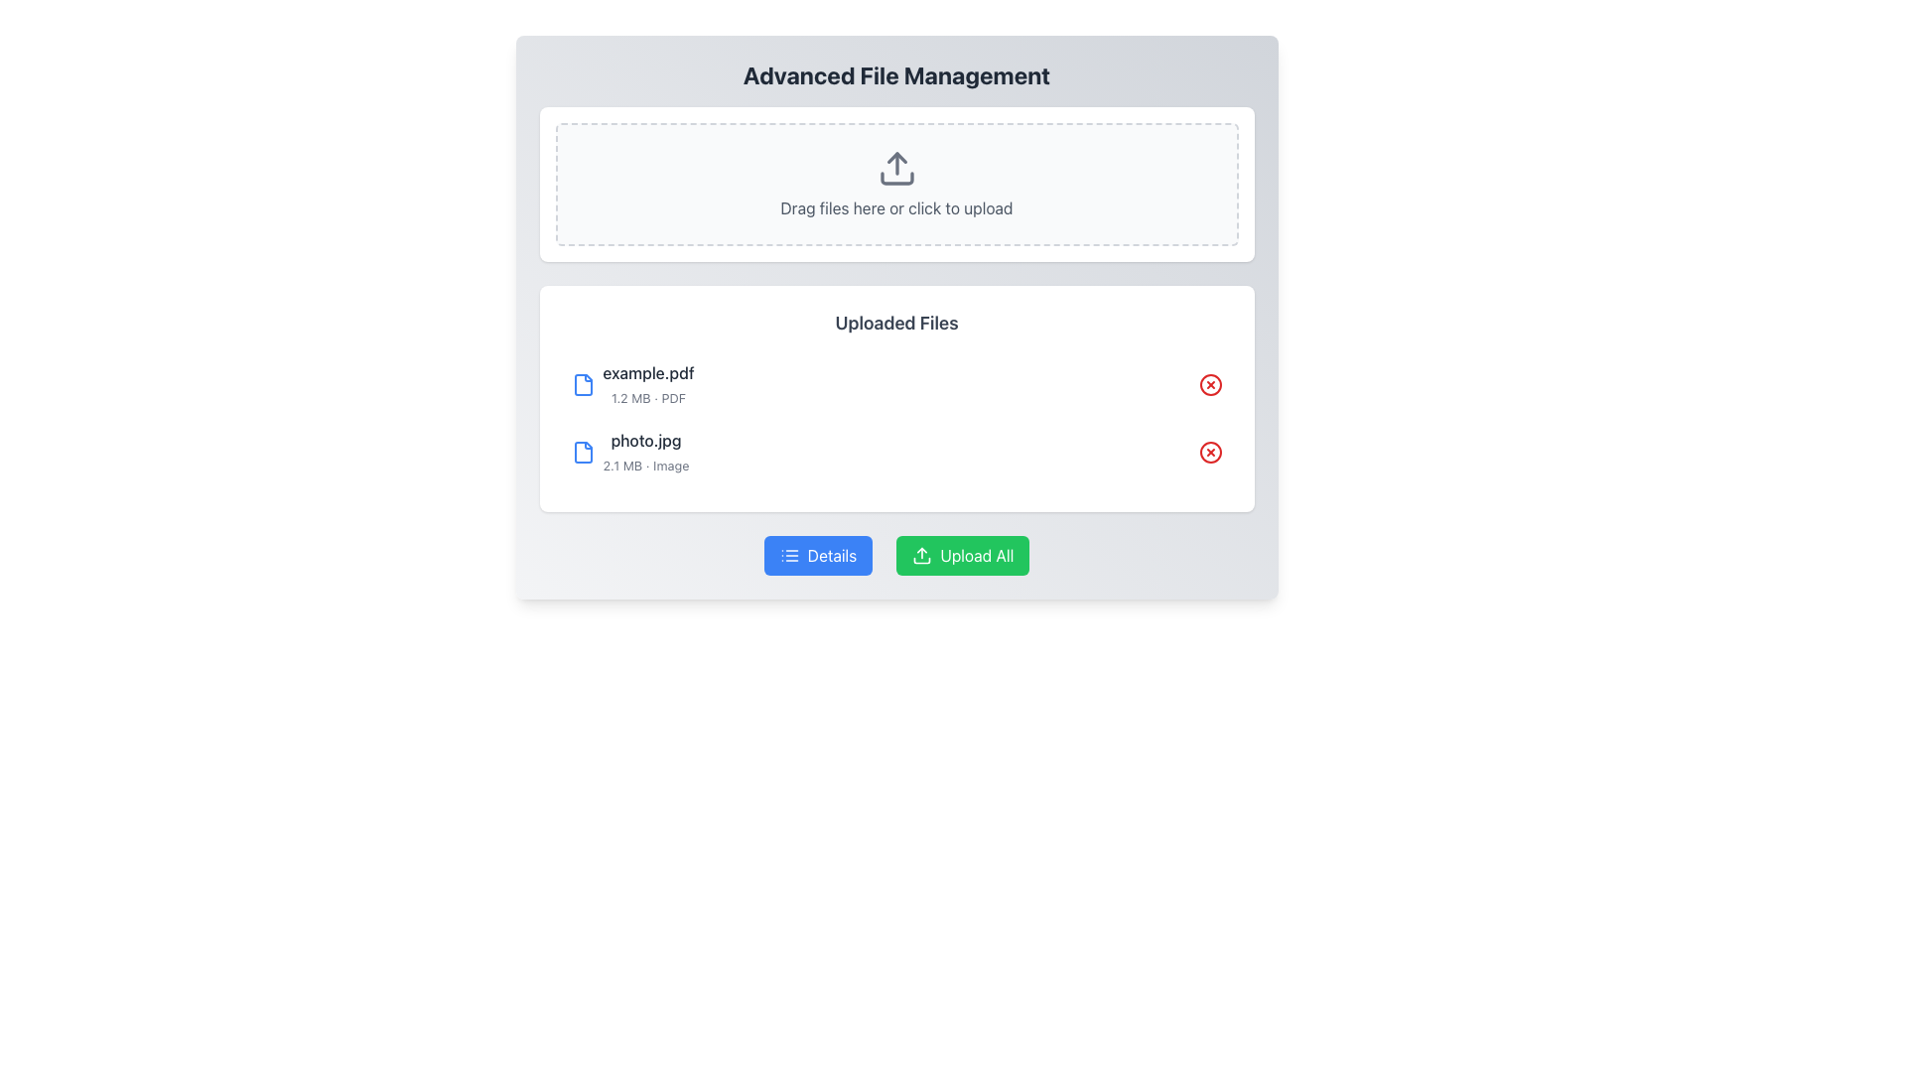  I want to click on text label displaying 'Uploaded Files', which serves as a title header above the uploaded files list, so click(895, 323).